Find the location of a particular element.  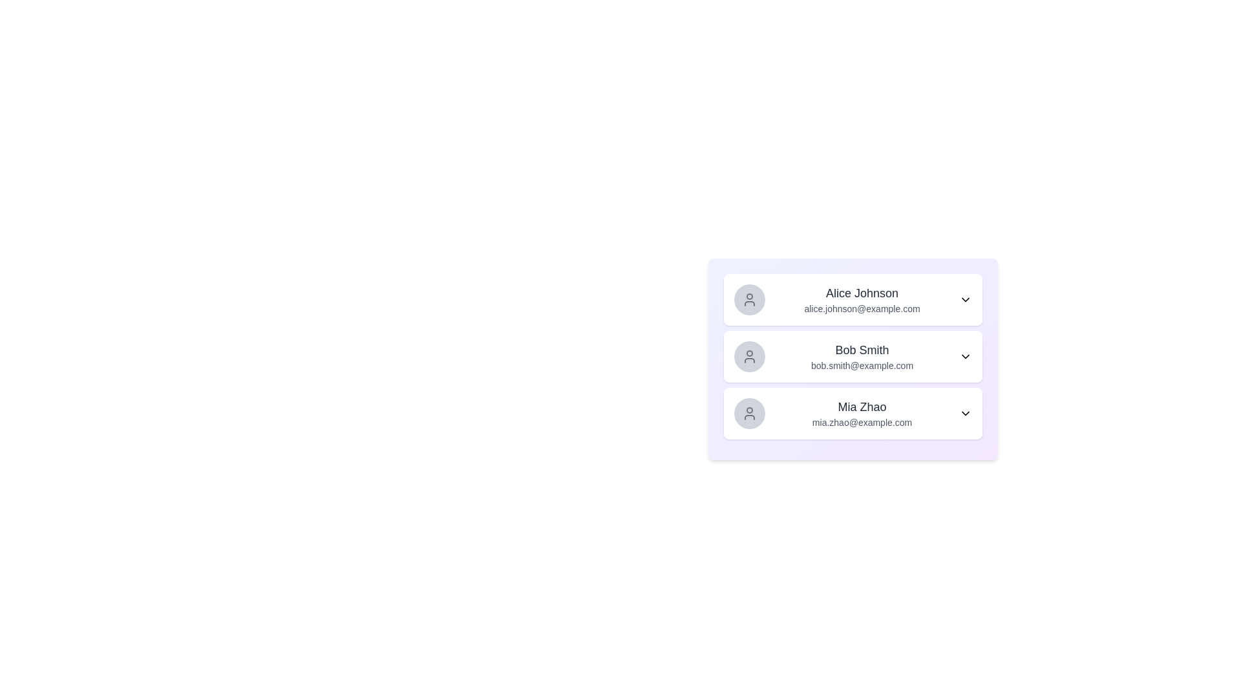

the downward-pointing chevron icon located in the profile information section of Mia Zhao is located at coordinates (965, 414).